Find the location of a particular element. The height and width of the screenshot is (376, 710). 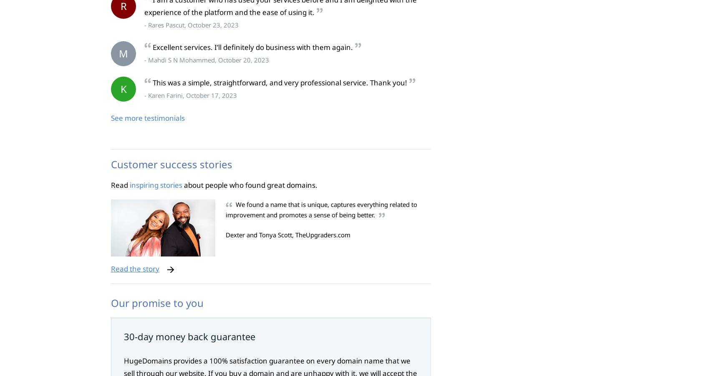

'We found a name that is unique, captures everything related to improvement and promotes a sense of being better.' is located at coordinates (225, 209).